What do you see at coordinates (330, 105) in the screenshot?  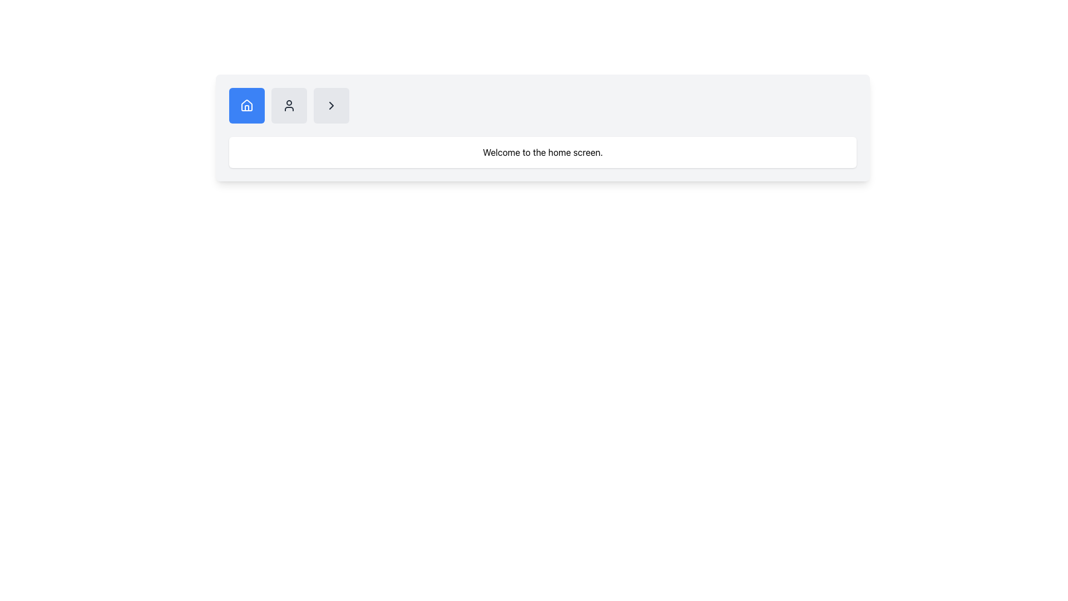 I see `the third button with a rightward-pointing chevron icon, which has a light gray background and rounded corners` at bounding box center [330, 105].